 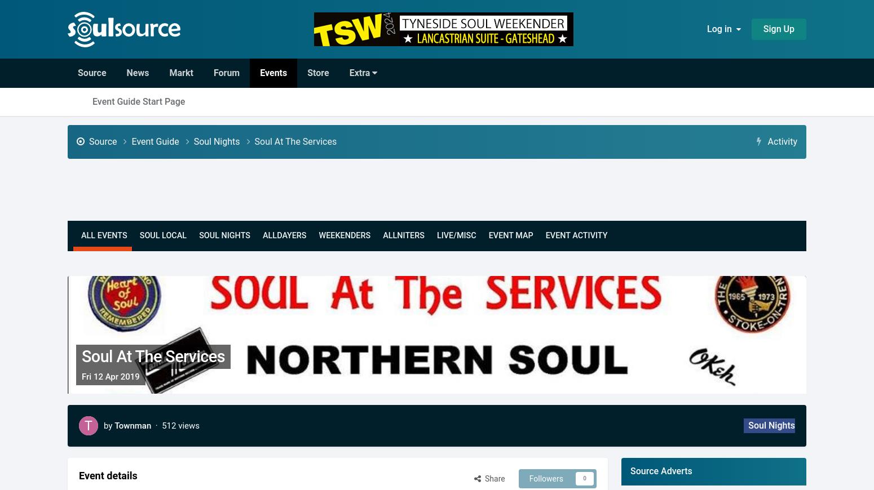 I want to click on 'Nights', so click(x=218, y=235).